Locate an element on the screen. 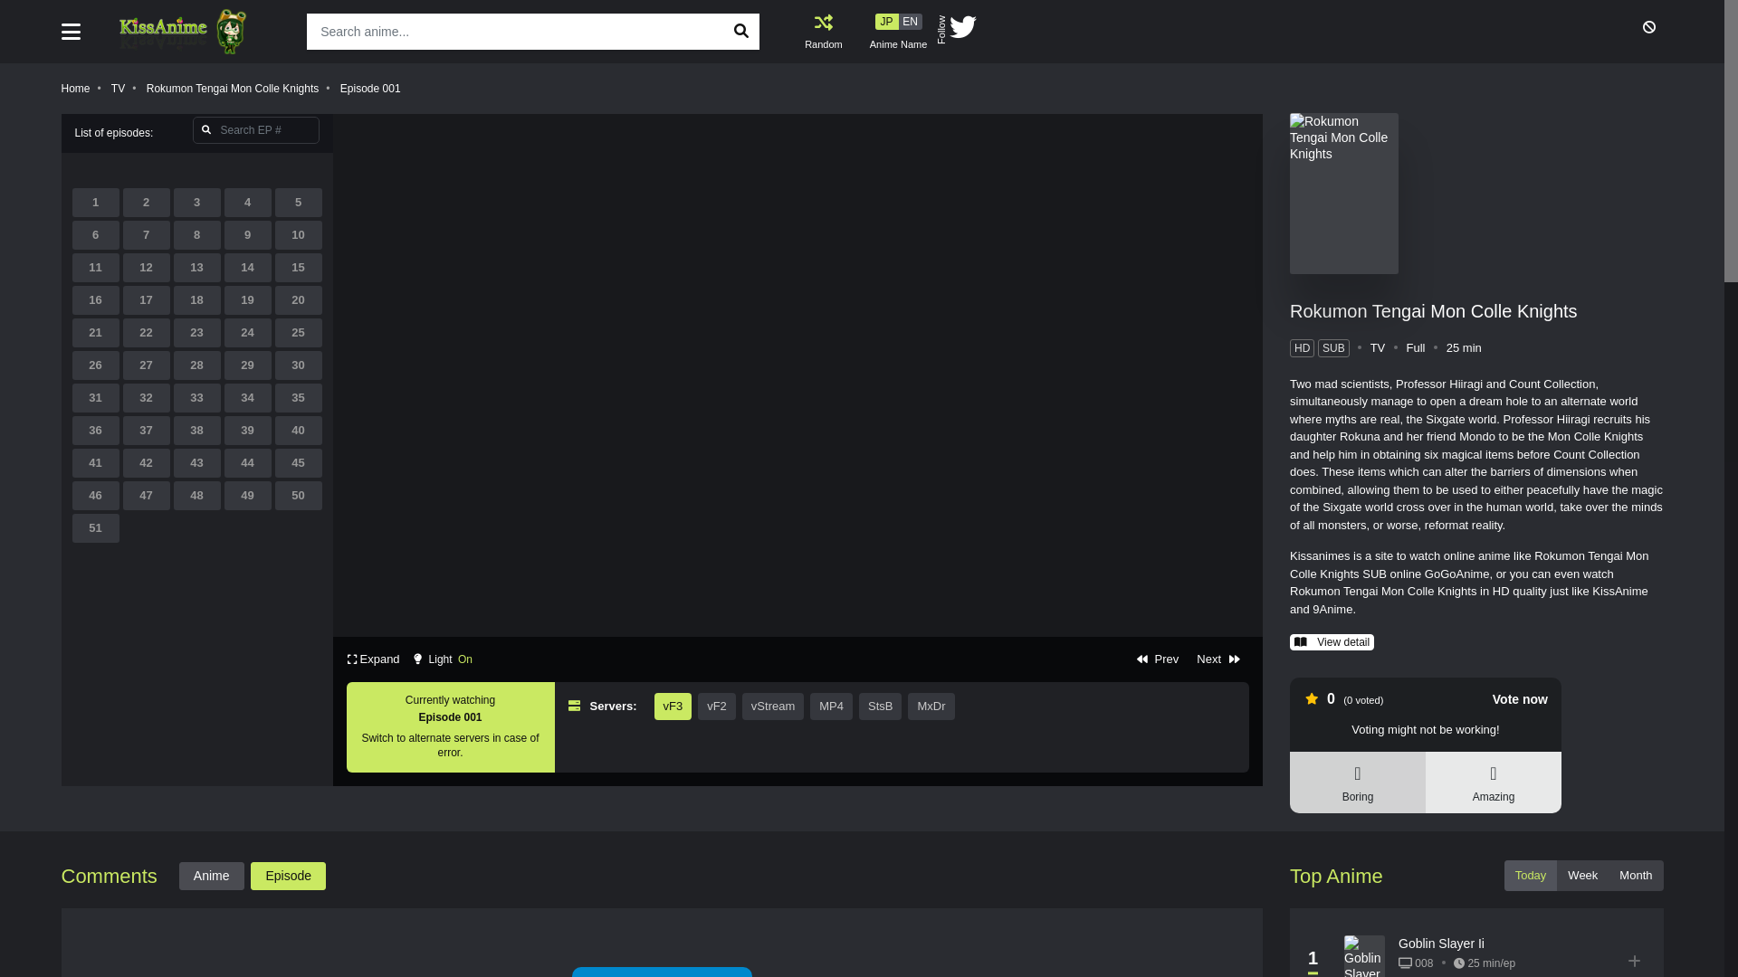 Image resolution: width=1738 pixels, height=977 pixels. '19' is located at coordinates (246, 299).